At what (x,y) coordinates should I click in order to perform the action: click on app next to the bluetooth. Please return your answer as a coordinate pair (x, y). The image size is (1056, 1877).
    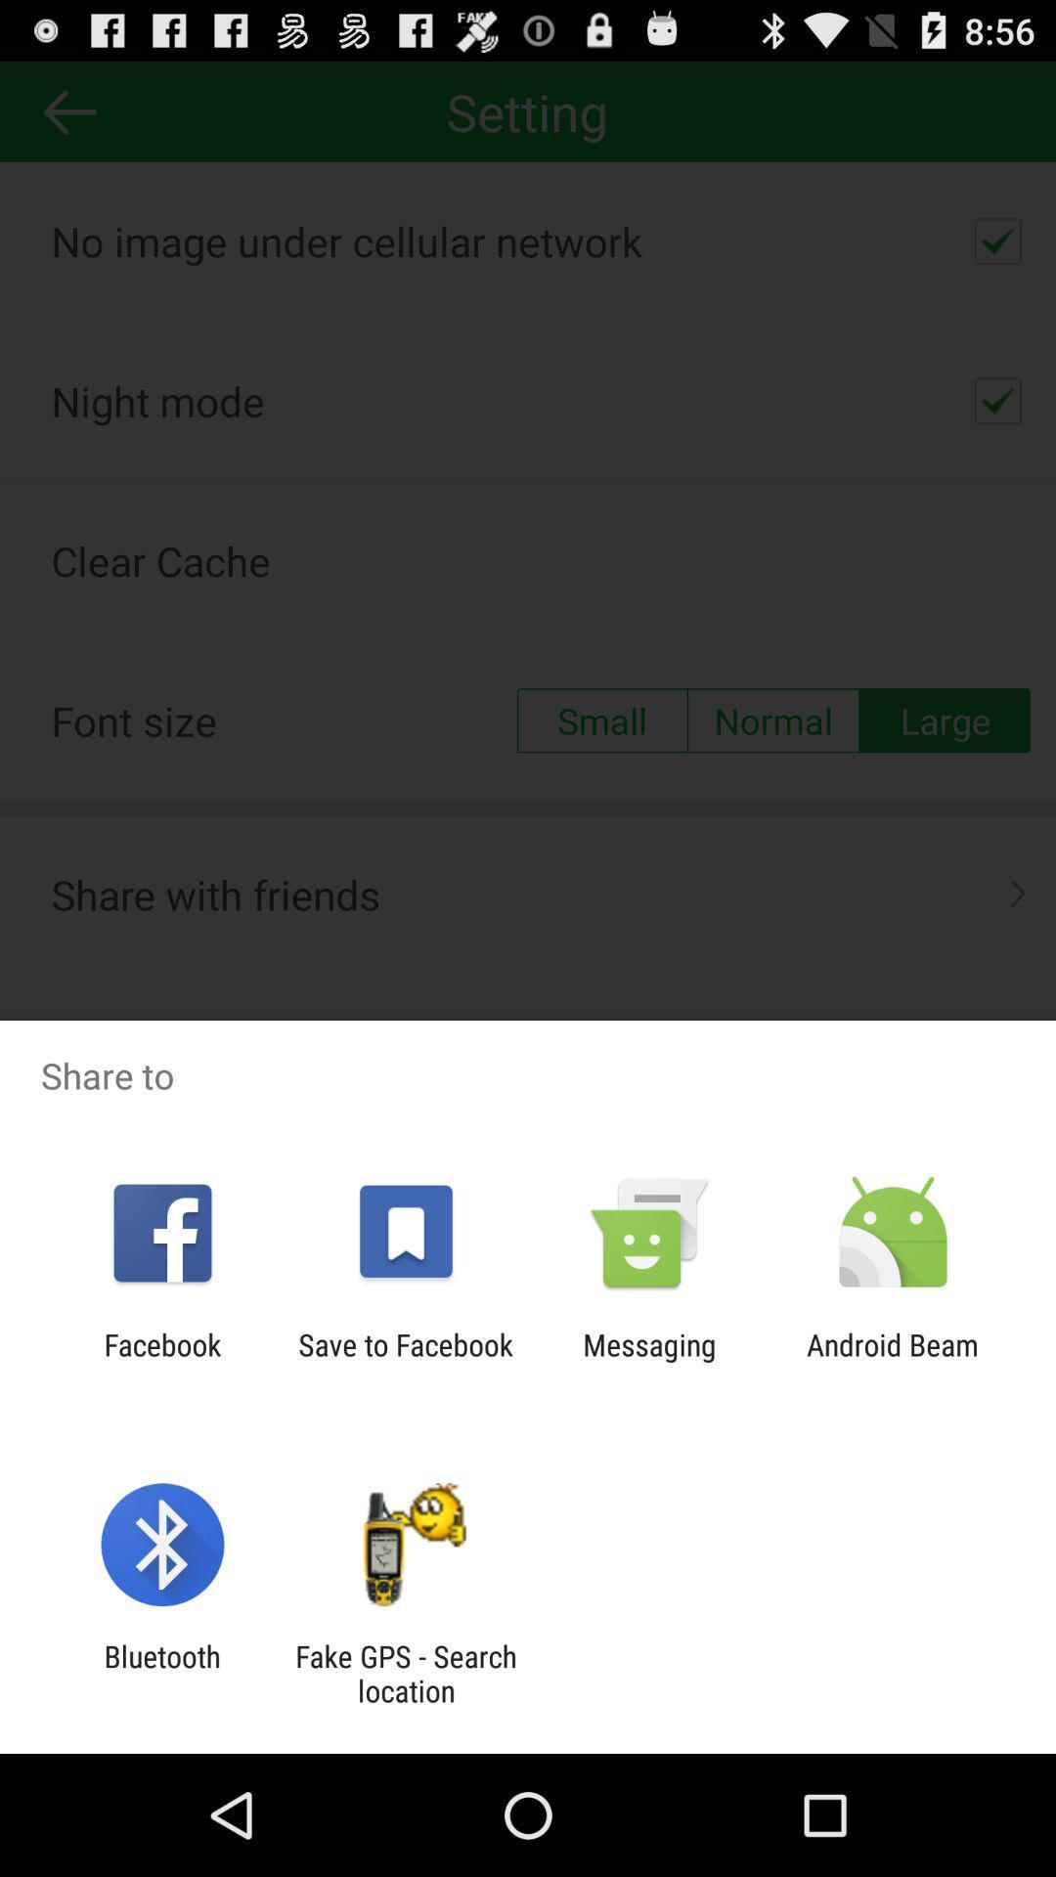
    Looking at the image, I should click on (405, 1673).